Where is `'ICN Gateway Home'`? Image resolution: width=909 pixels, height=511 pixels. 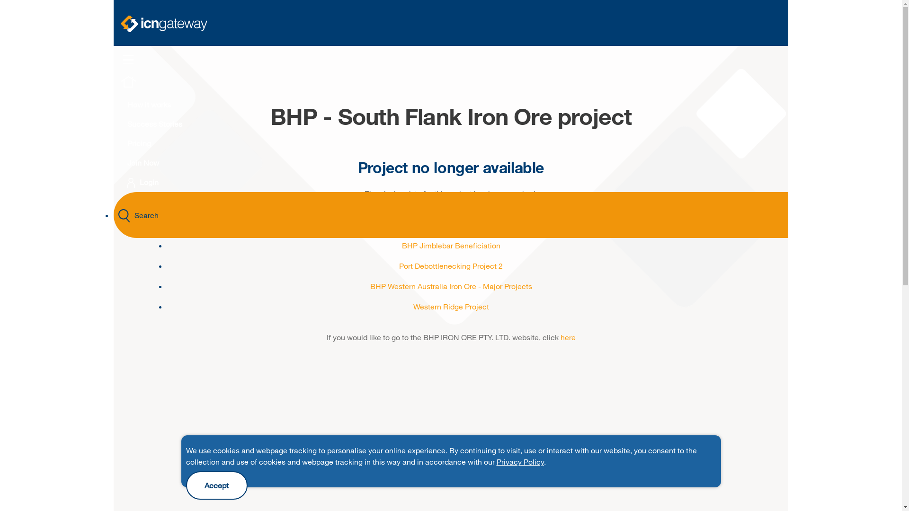 'ICN Gateway Home' is located at coordinates (164, 23).